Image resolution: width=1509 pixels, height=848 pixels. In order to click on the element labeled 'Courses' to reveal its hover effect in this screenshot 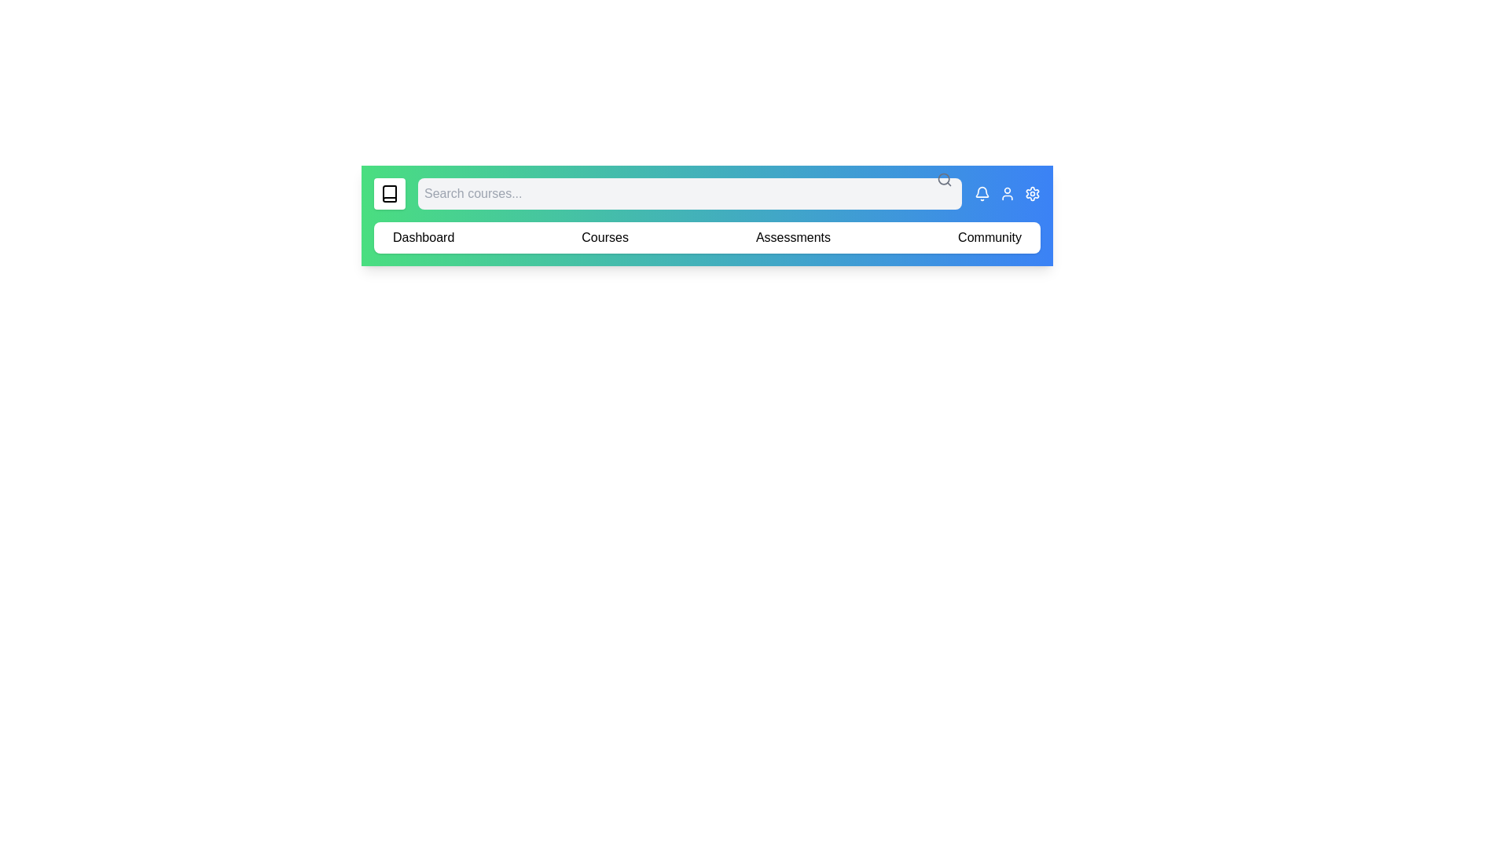, I will do `click(604, 238)`.